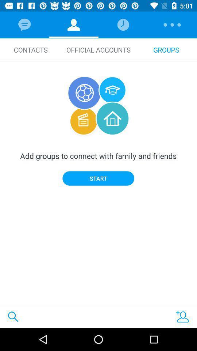 Image resolution: width=197 pixels, height=351 pixels. What do you see at coordinates (30, 49) in the screenshot?
I see `contacts` at bounding box center [30, 49].